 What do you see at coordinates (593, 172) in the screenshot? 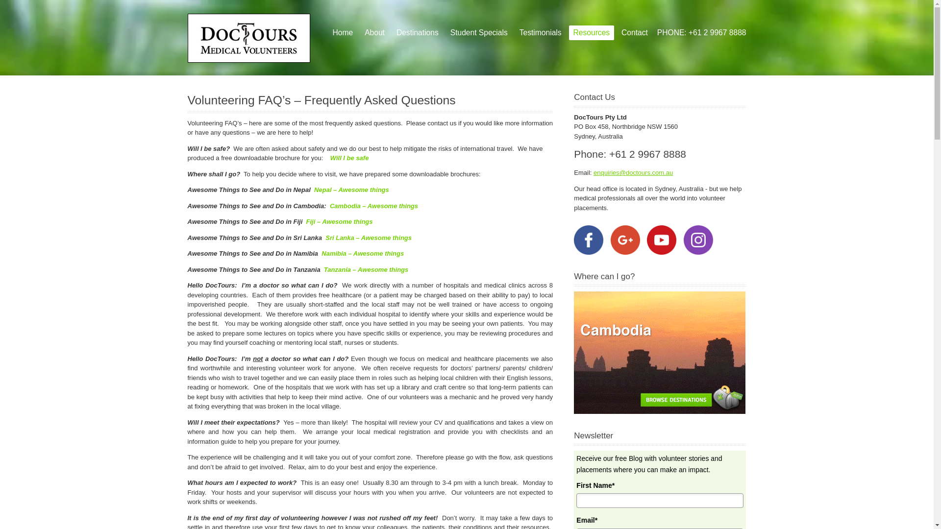
I see `'enquiries@doctours.com.au'` at bounding box center [593, 172].